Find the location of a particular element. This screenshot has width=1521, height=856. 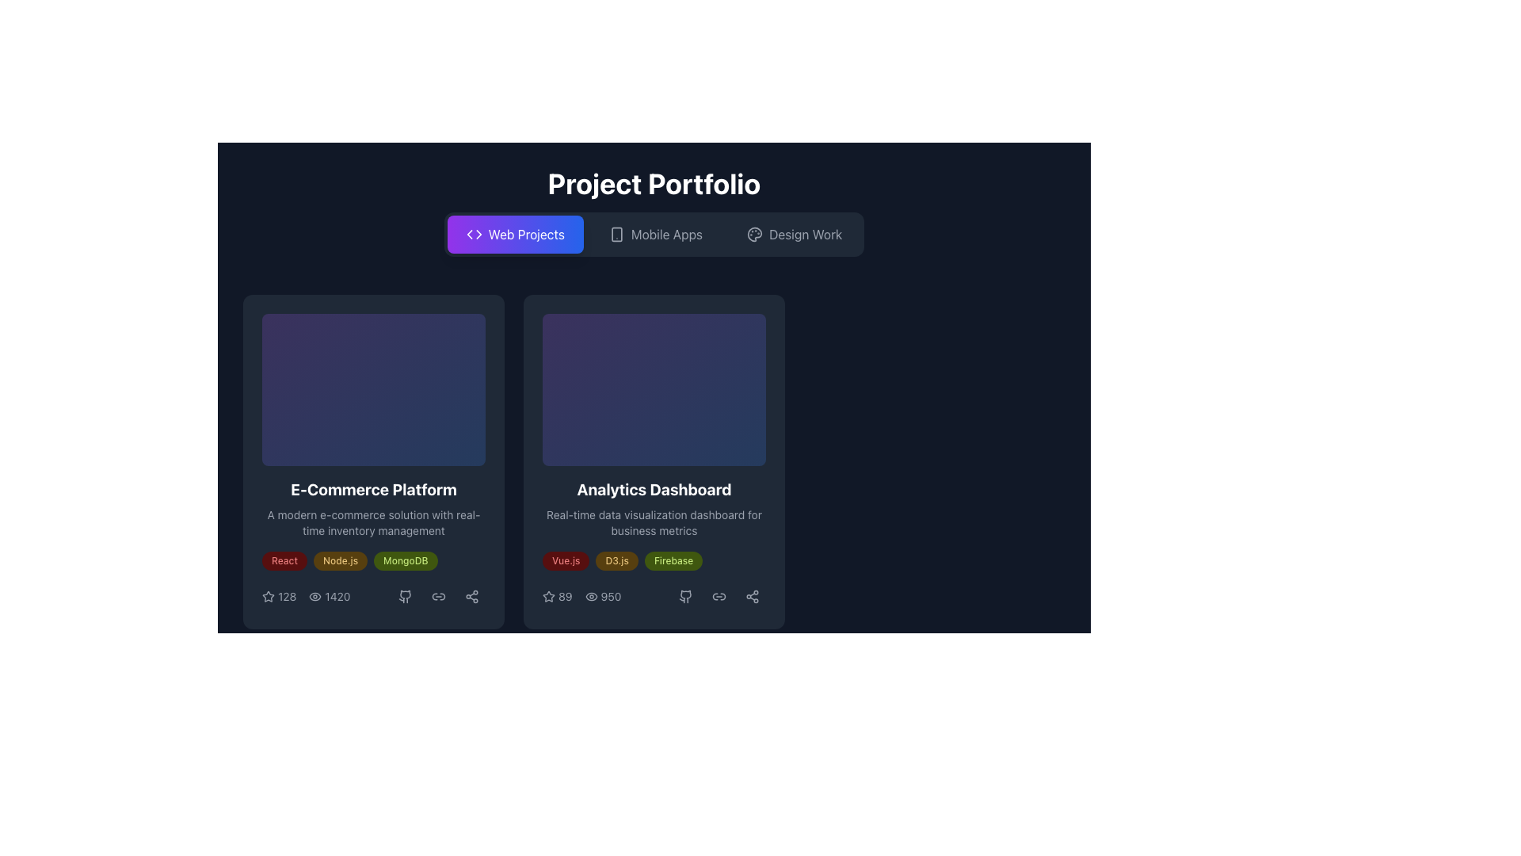

the 'Analytics Dashboard' card element located in the second column of the grid layout is located at coordinates (654, 461).